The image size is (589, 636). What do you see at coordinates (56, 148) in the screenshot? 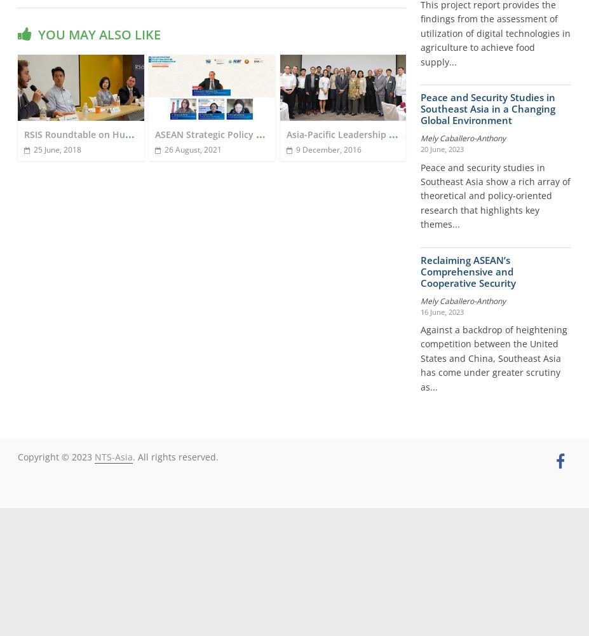
I see `'25 June, 2018'` at bounding box center [56, 148].